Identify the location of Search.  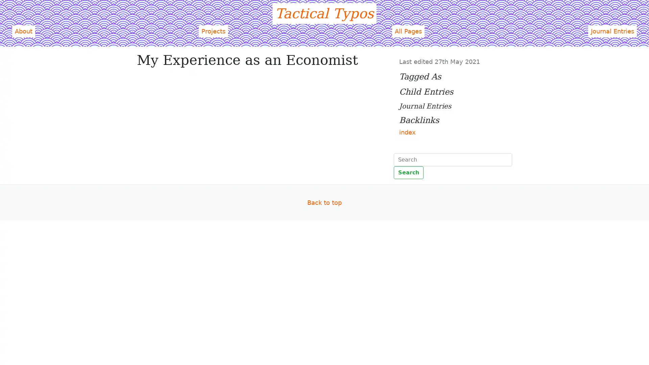
(408, 172).